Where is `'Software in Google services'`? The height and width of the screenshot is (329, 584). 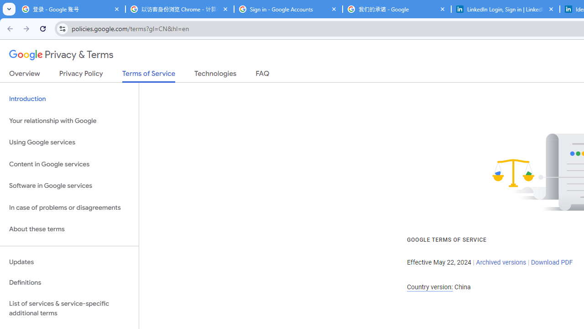 'Software in Google services' is located at coordinates (69, 186).